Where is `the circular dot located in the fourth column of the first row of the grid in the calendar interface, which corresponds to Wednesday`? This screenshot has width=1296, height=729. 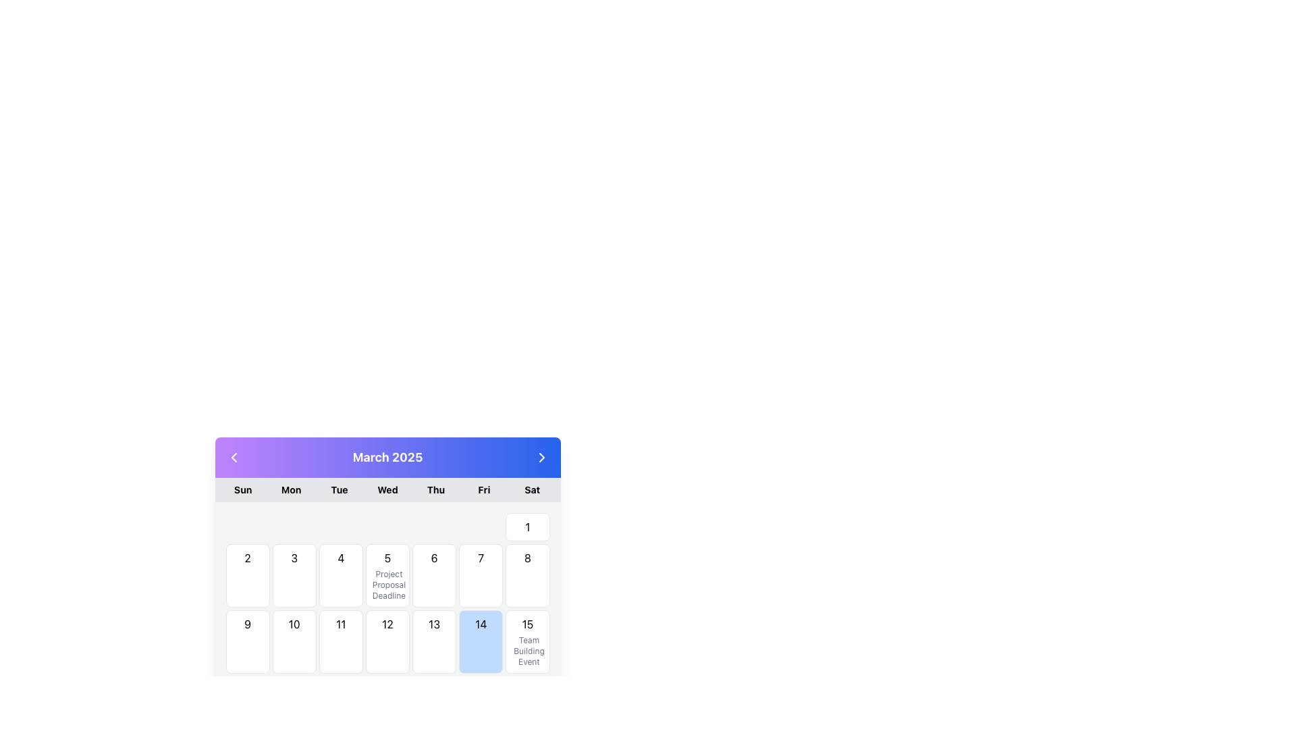
the circular dot located in the fourth column of the first row of the grid in the calendar interface, which corresponds to Wednesday is located at coordinates (387, 526).